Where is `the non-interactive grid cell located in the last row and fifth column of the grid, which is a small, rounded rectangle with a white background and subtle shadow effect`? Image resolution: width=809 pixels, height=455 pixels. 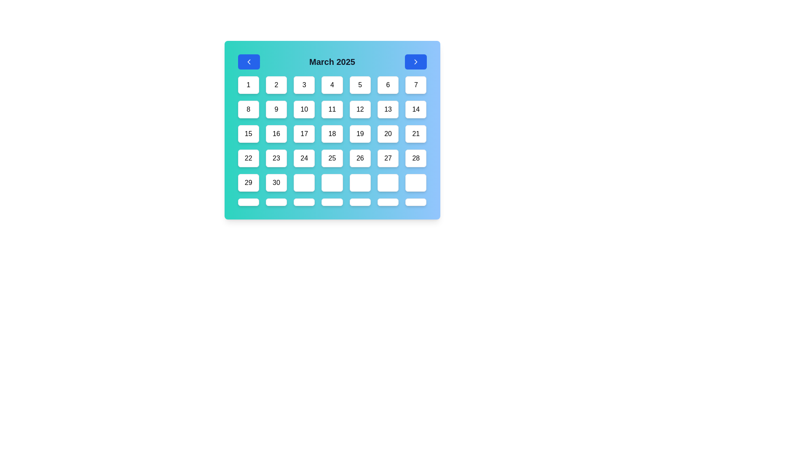 the non-interactive grid cell located in the last row and fifth column of the grid, which is a small, rounded rectangle with a white background and subtle shadow effect is located at coordinates (360, 202).